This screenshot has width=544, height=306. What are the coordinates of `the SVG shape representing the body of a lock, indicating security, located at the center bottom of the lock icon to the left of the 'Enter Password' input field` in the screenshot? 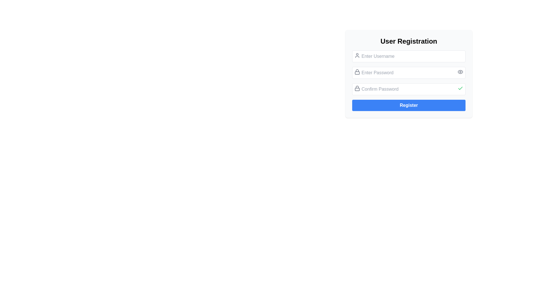 It's located at (357, 73).